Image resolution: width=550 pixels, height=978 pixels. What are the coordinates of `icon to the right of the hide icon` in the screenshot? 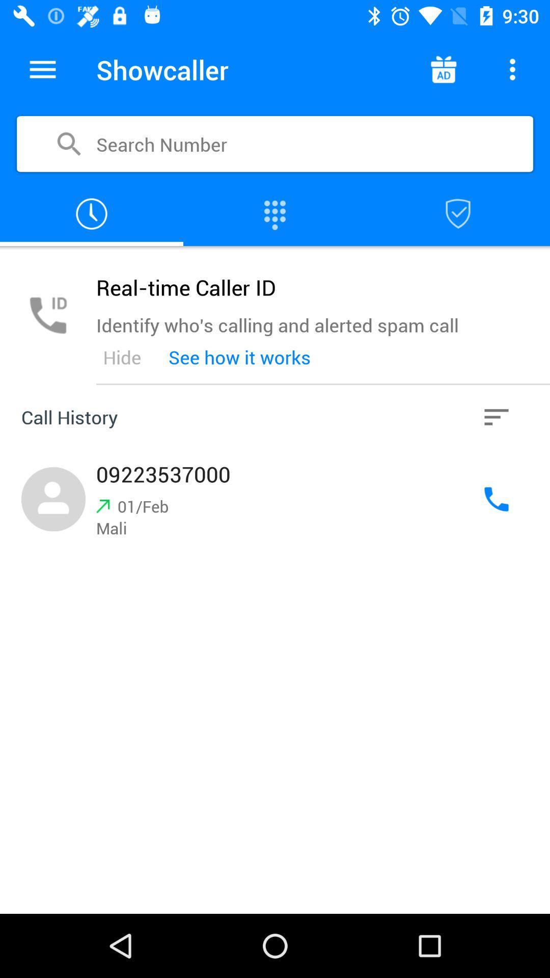 It's located at (239, 357).